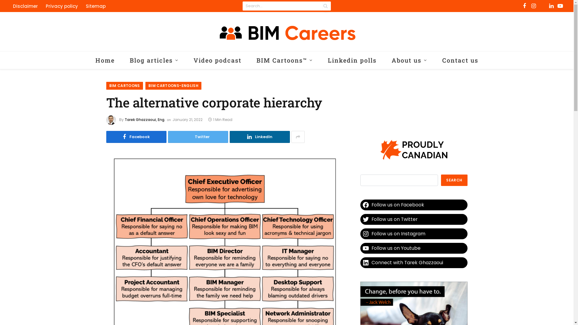 The height and width of the screenshot is (325, 578). Describe the element at coordinates (413, 248) in the screenshot. I see `'Follow us on Youtube'` at that location.